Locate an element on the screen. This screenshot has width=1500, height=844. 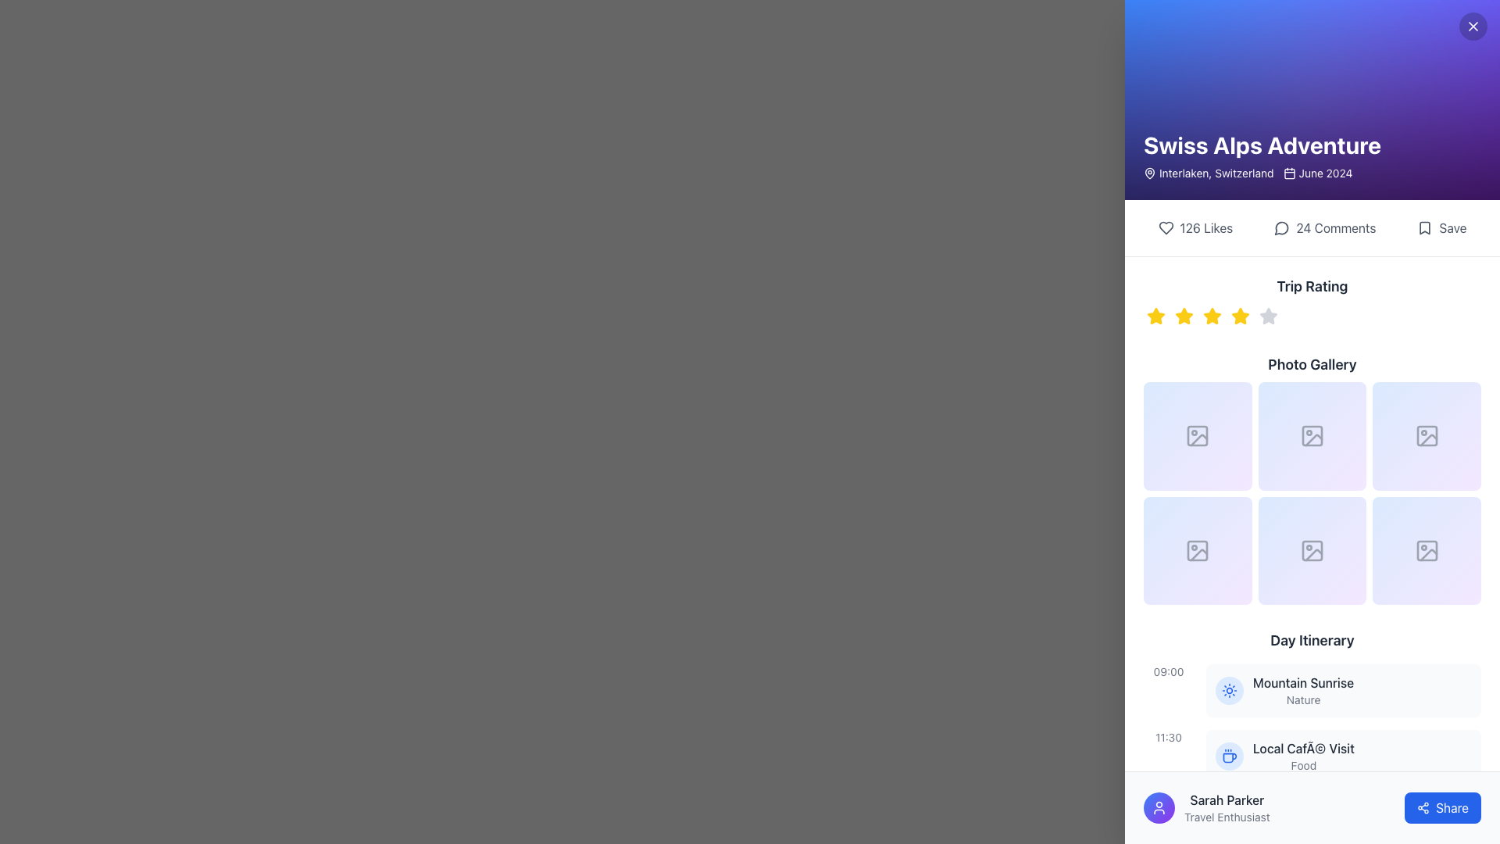
displayed date 'June 2024' on the text label with icon, which is located beneath the header 'Swiss Alps Adventure' in the upper right area of the interface is located at coordinates (1317, 173).